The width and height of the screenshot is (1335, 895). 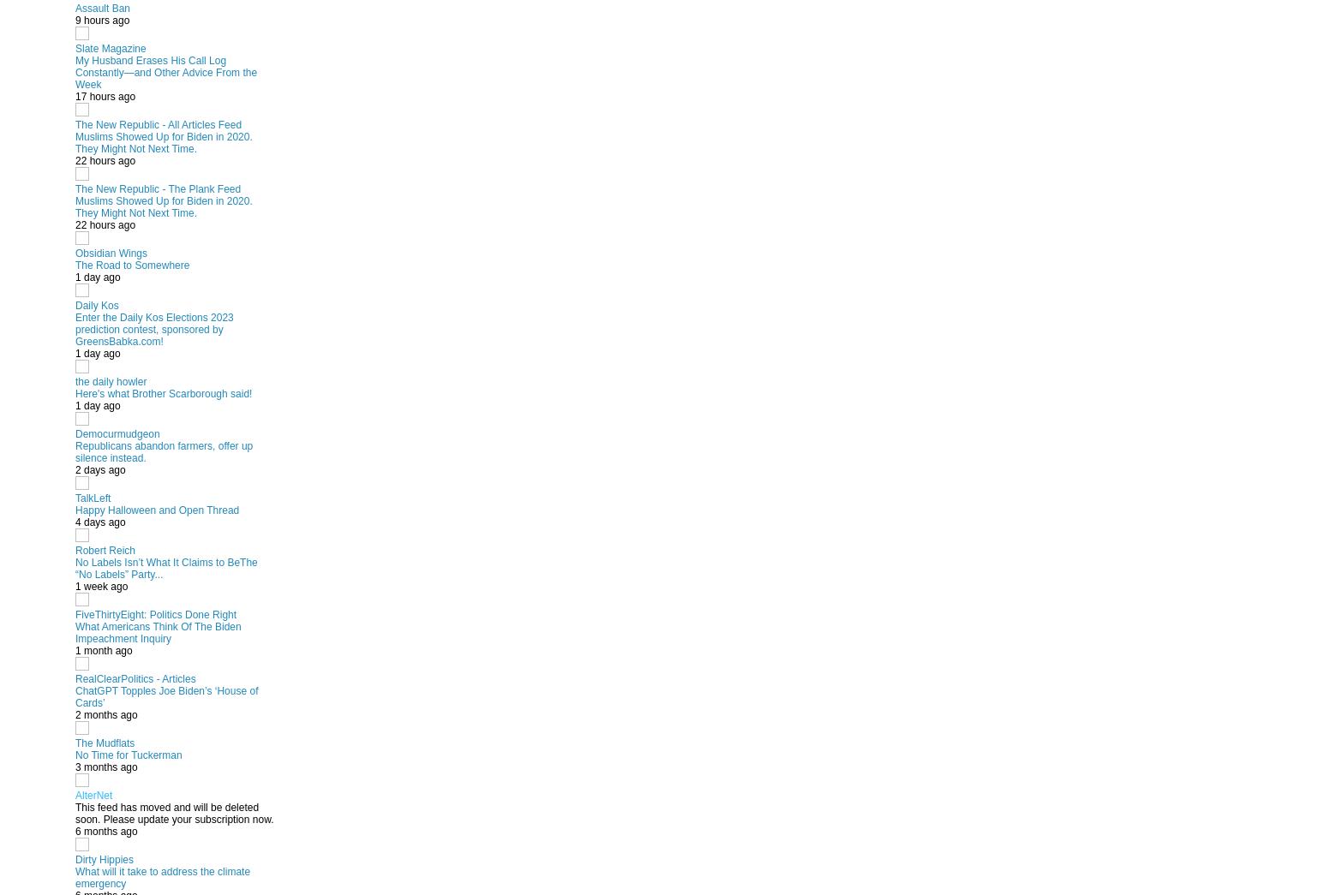 What do you see at coordinates (104, 550) in the screenshot?
I see `'Robert Reich'` at bounding box center [104, 550].